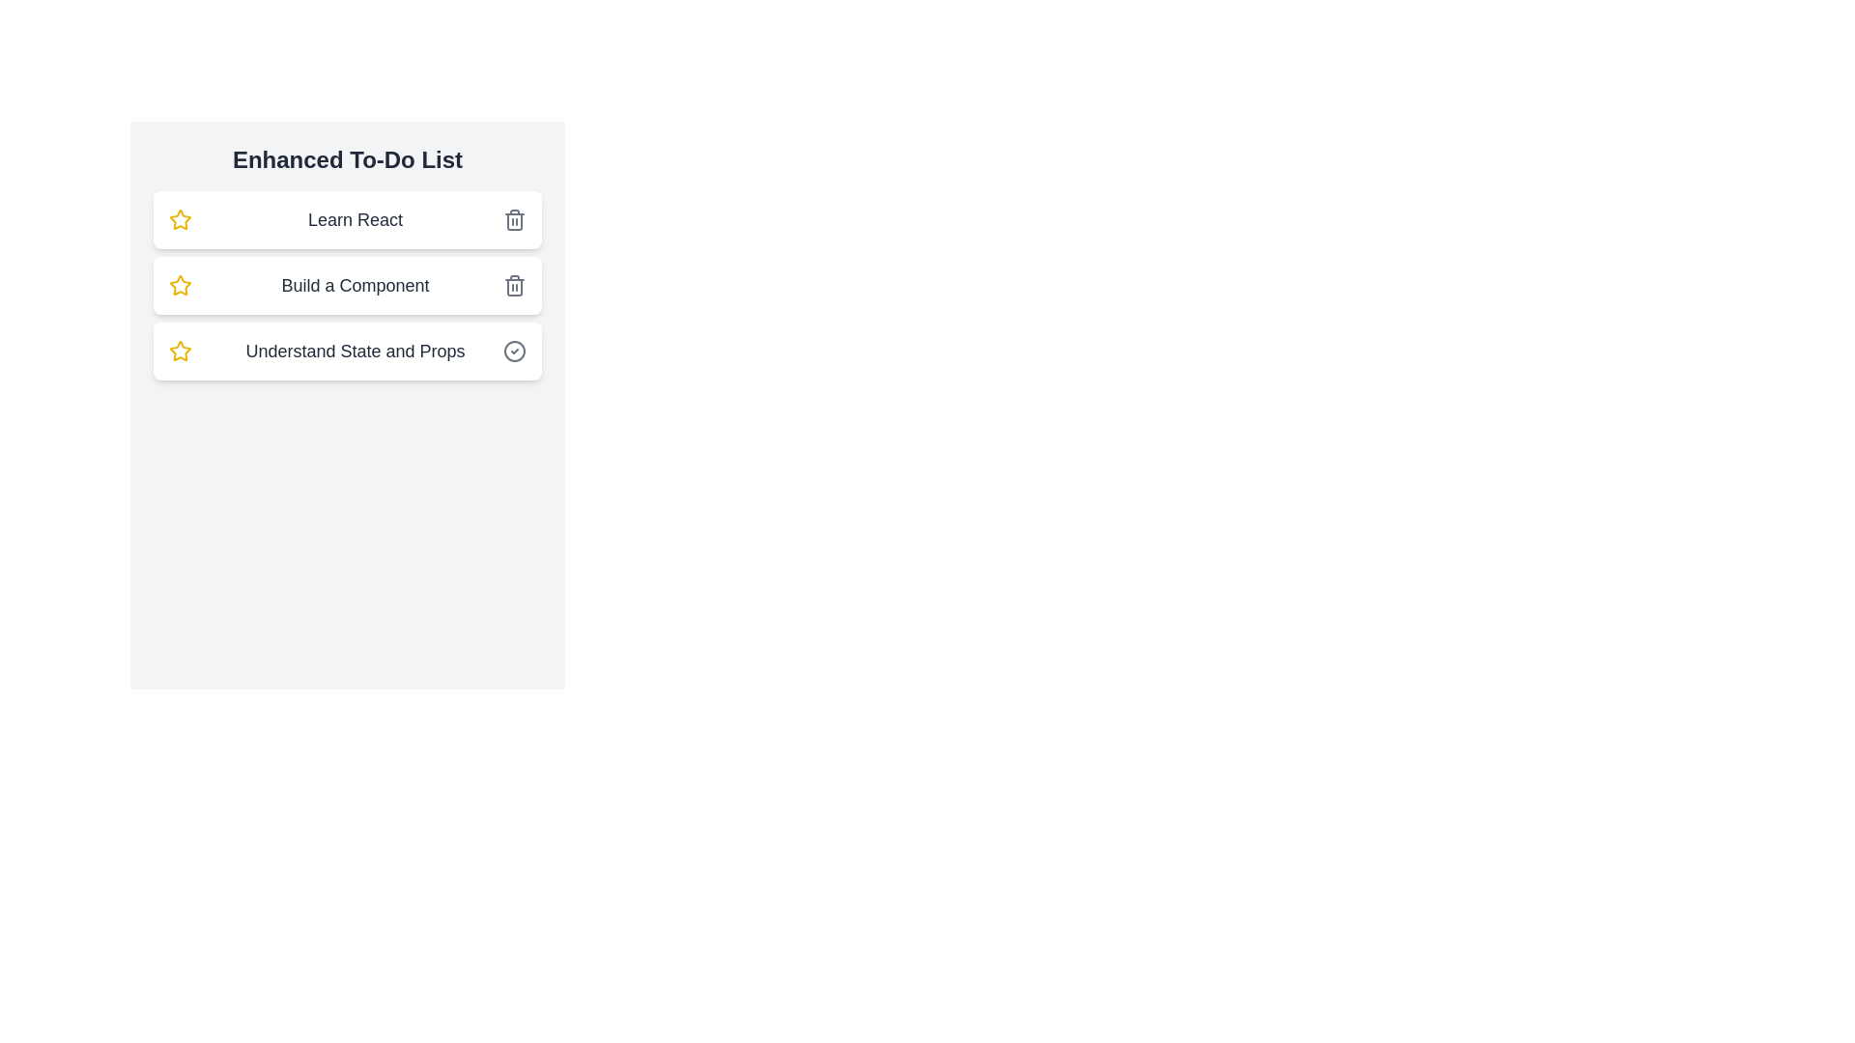  I want to click on the trash can icon button located to the far right of the first item in the 'Enhanced To-Do List', next to the text 'Learn React', to change its color, so click(514, 218).